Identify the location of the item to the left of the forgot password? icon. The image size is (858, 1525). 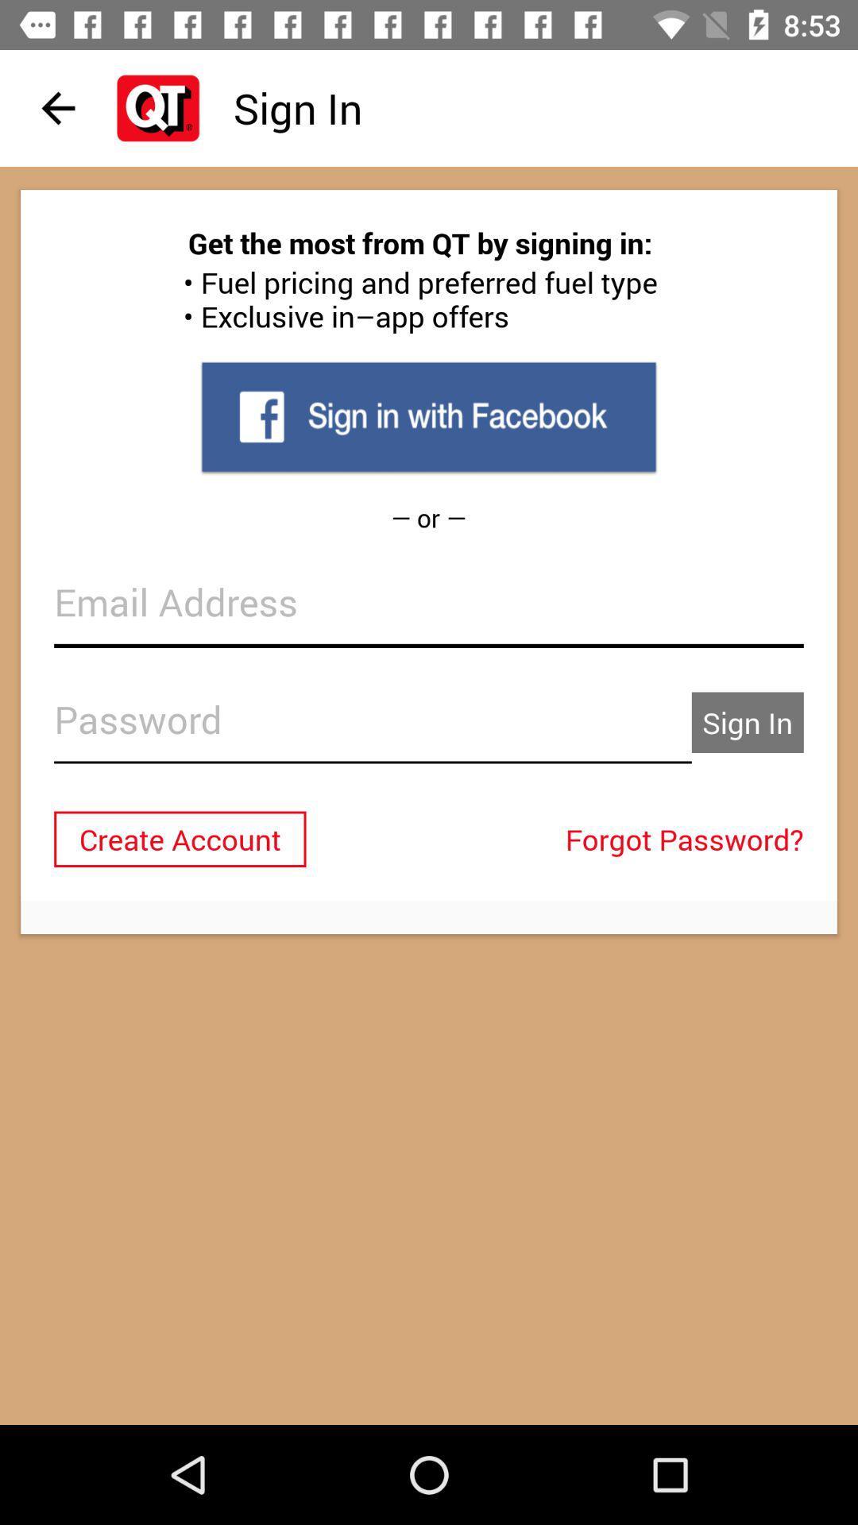
(179, 838).